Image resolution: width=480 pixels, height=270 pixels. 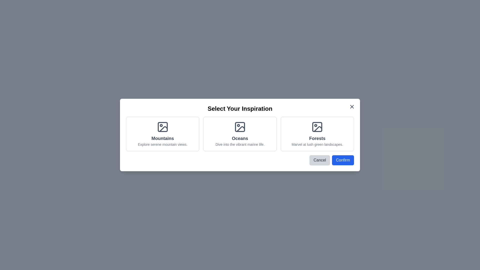 I want to click on the 'Oceans' text label, which serves as the title for the card summarizing its theme, located in the central card of the 'Select Your Inspiration' modal, so click(x=240, y=138).